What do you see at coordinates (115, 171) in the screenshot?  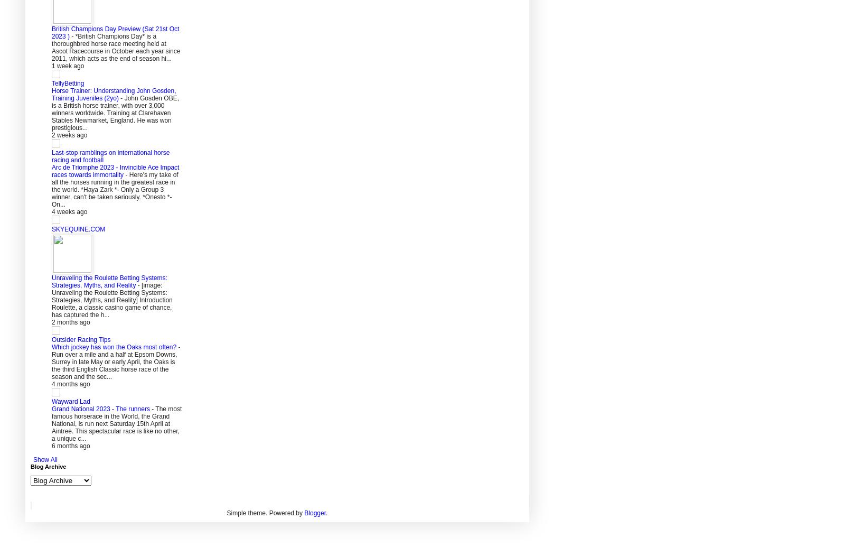 I see `'Arc de Triomphe 2023 - Invincible Ace Impact races towards immortality'` at bounding box center [115, 171].